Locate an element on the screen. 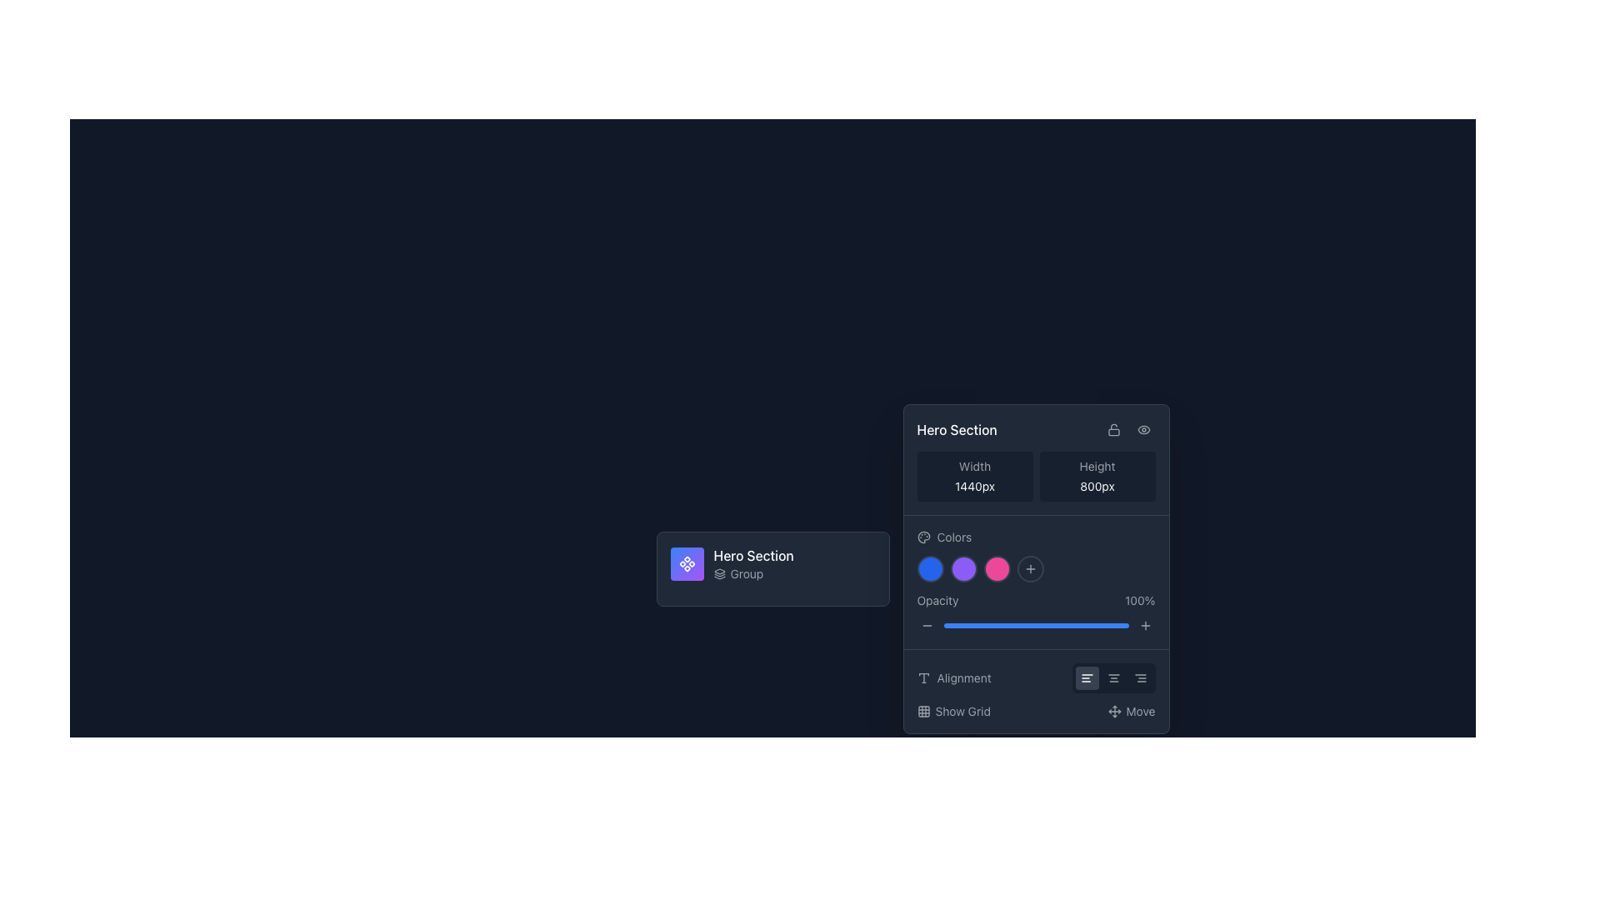  the Text label indicating the context of the value '1440px', which is located above the width measurement and adjacent to the 'Height' label is located at coordinates (975, 466).